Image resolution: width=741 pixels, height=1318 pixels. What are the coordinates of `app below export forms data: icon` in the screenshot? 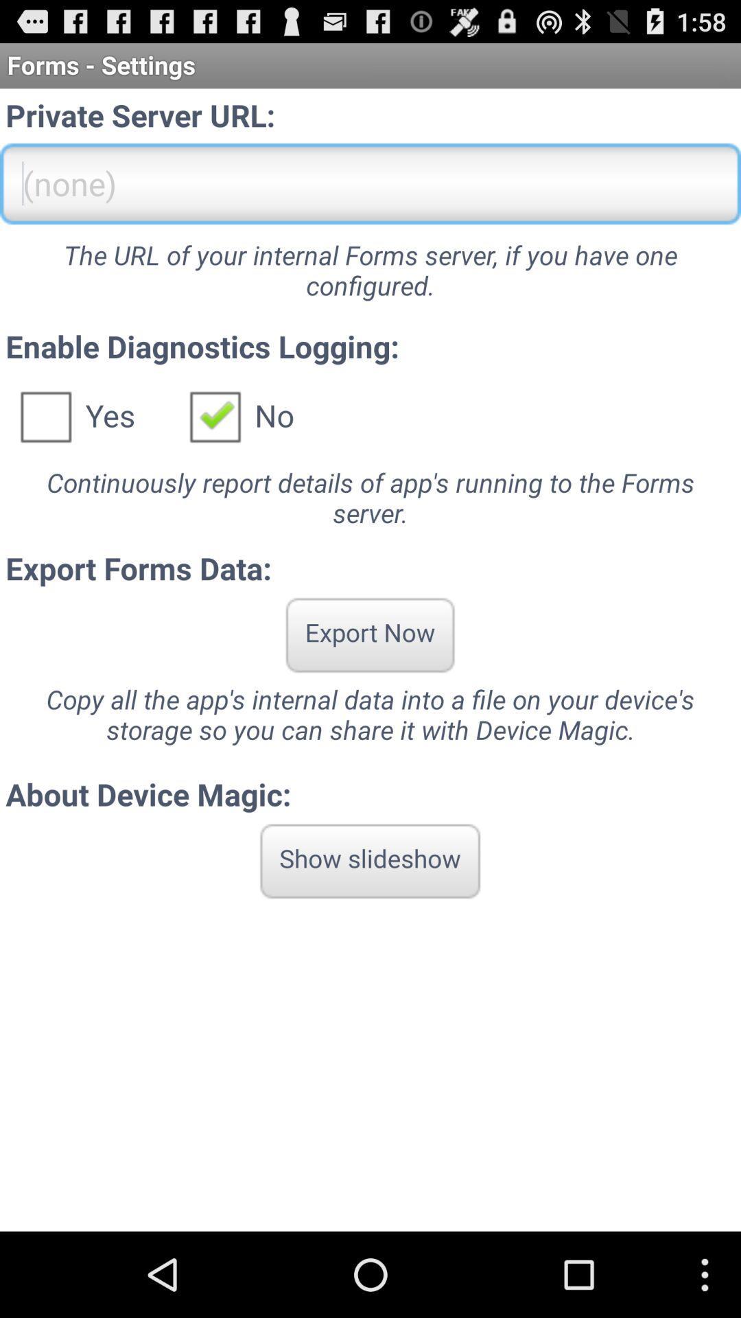 It's located at (369, 634).